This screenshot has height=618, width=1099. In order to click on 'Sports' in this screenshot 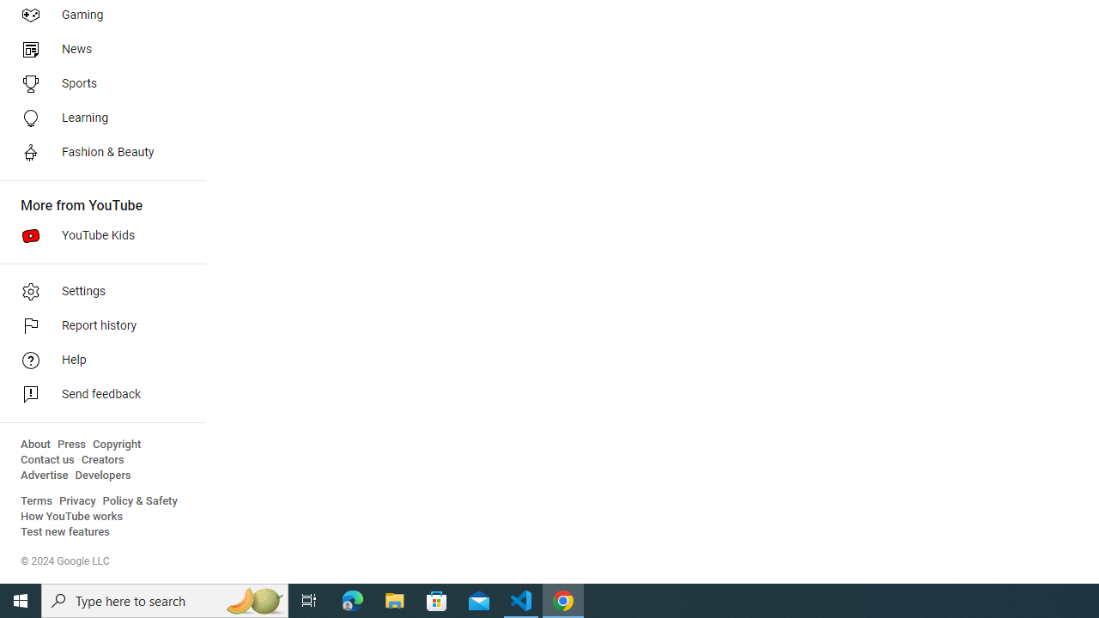, I will do `click(96, 83)`.